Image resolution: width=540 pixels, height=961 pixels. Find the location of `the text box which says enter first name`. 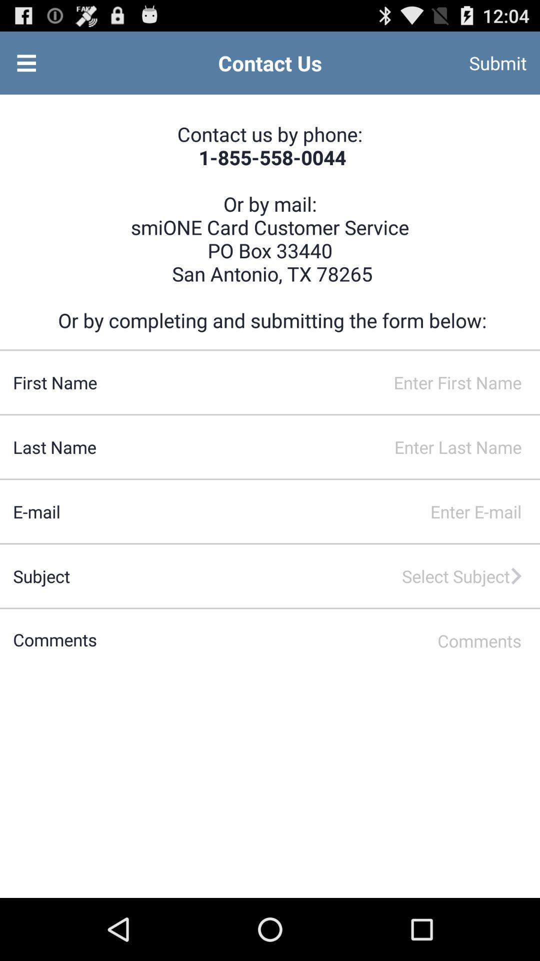

the text box which says enter first name is located at coordinates (318, 382).